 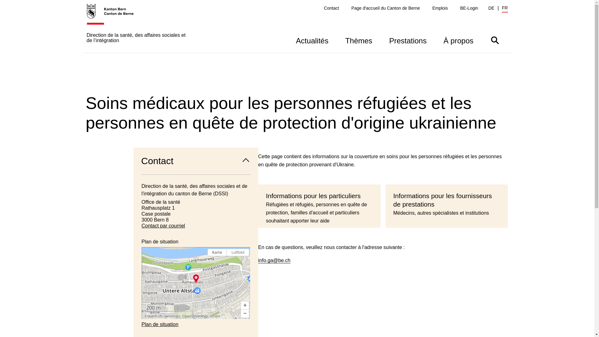 I want to click on 'Plan de situation', so click(x=196, y=324).